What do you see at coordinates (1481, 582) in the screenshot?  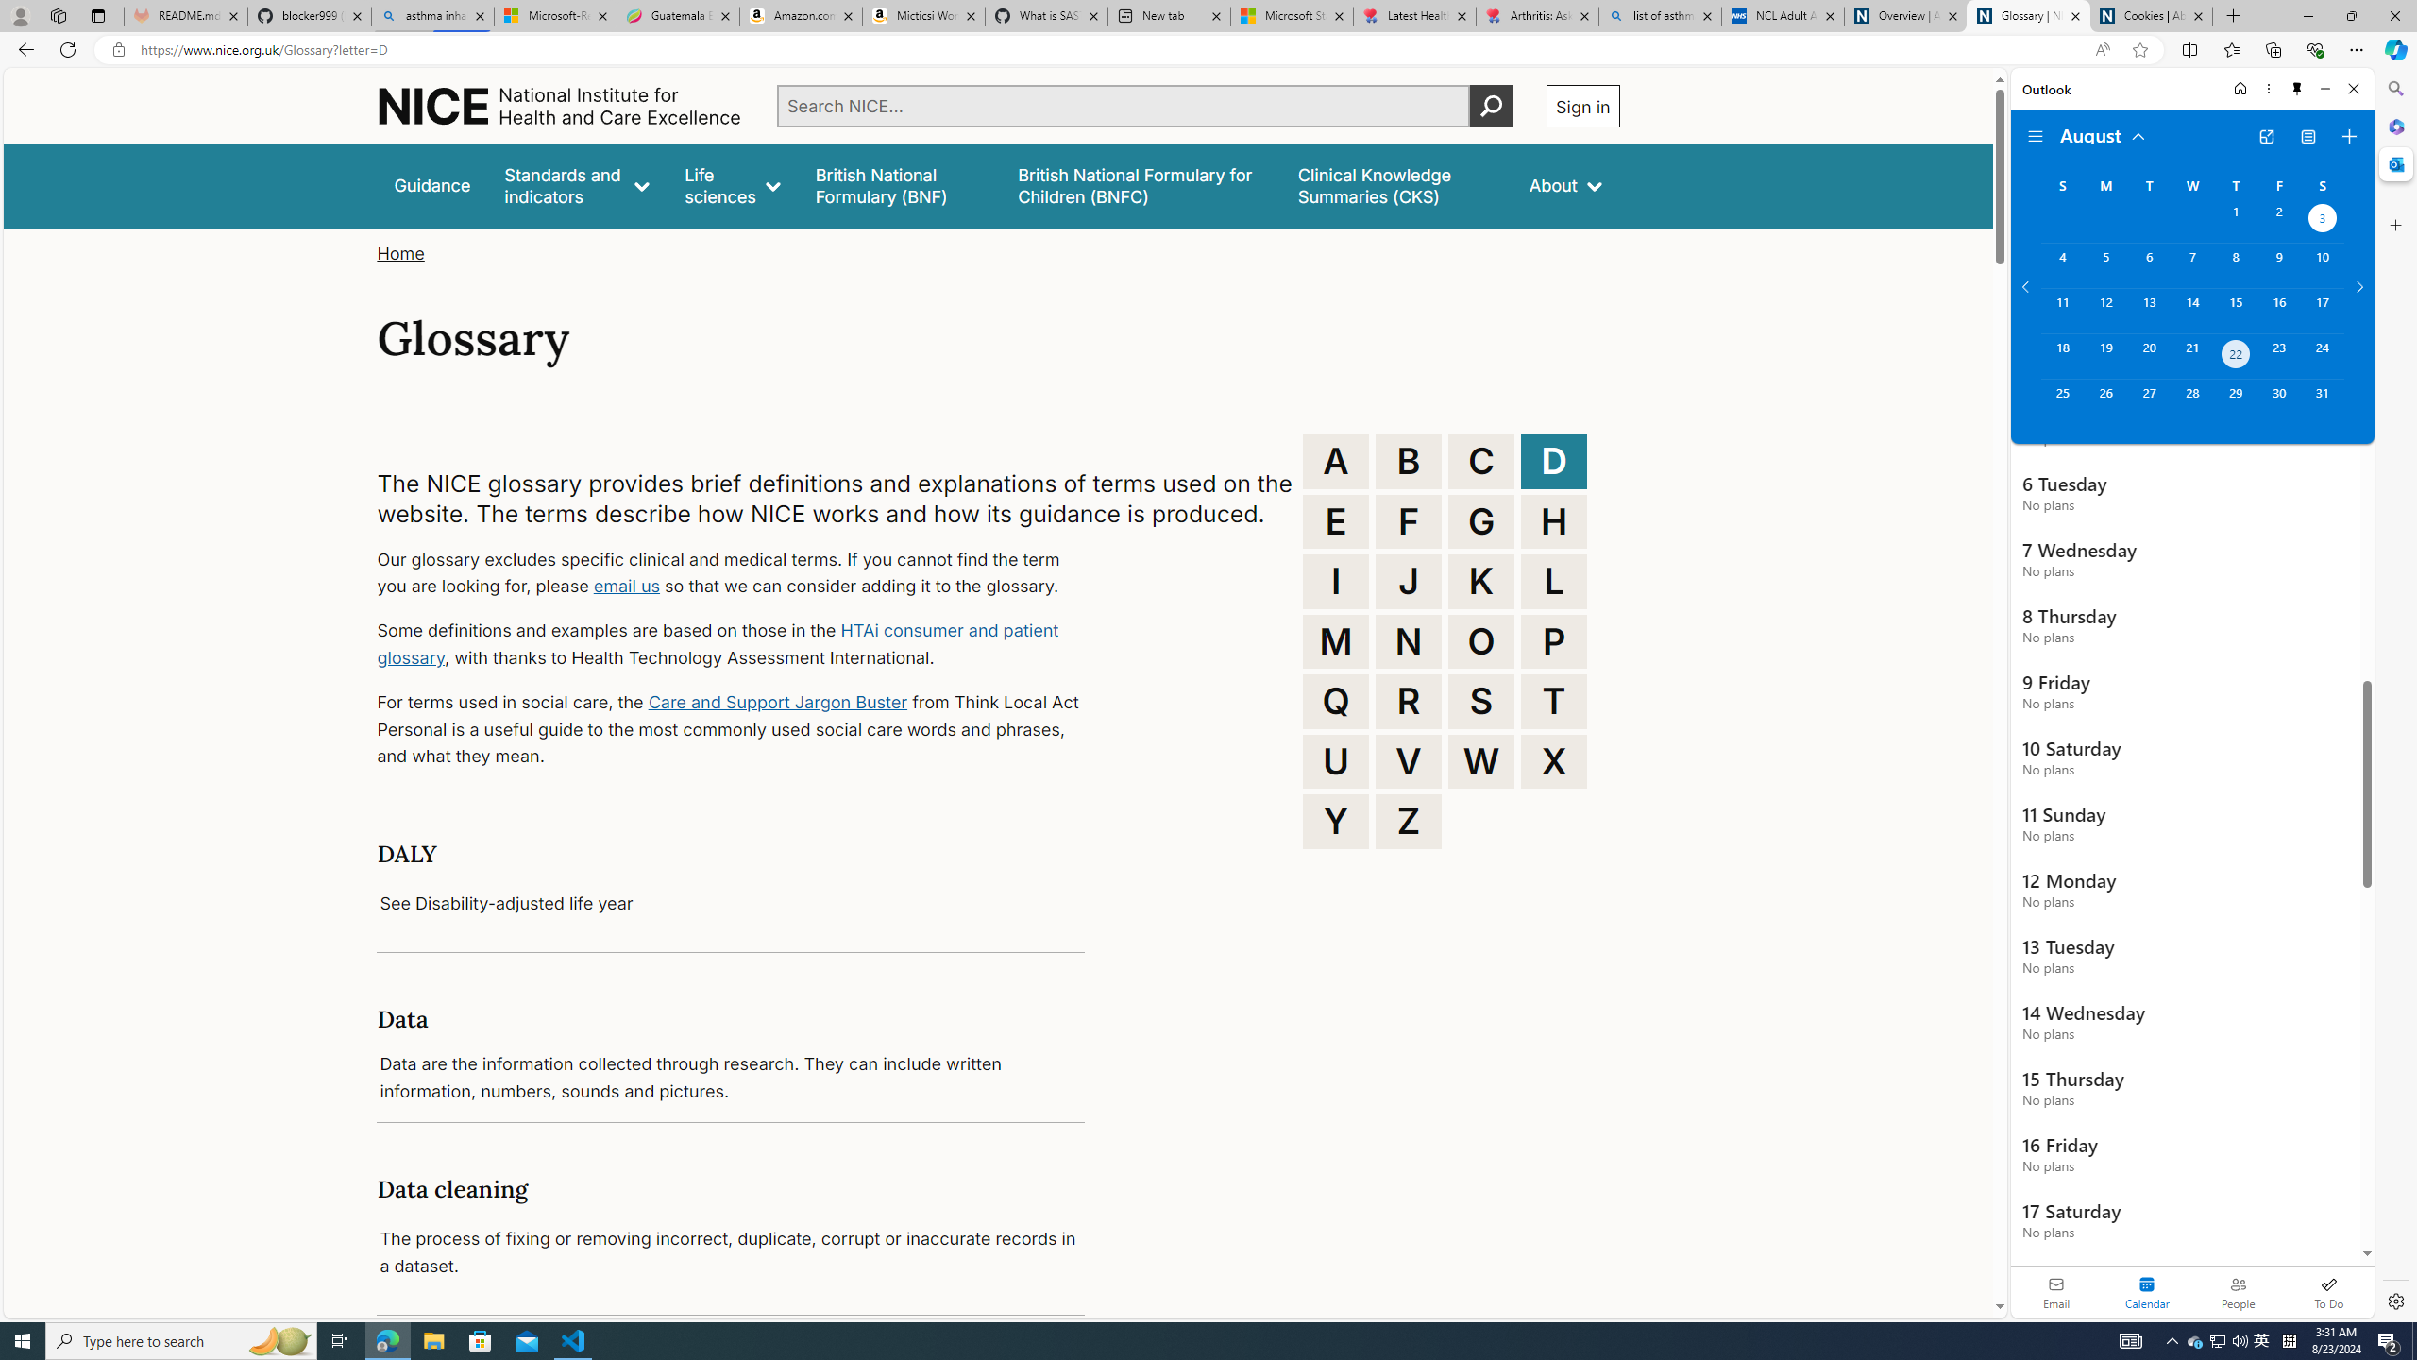 I see `'K'` at bounding box center [1481, 582].